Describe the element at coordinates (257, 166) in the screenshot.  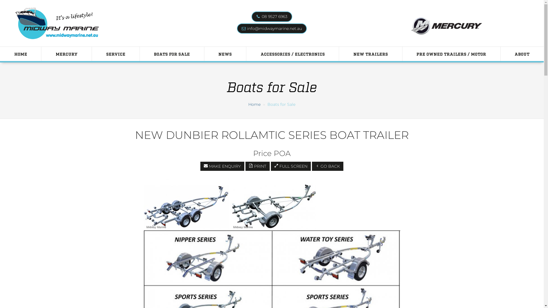
I see `'PRINT'` at that location.